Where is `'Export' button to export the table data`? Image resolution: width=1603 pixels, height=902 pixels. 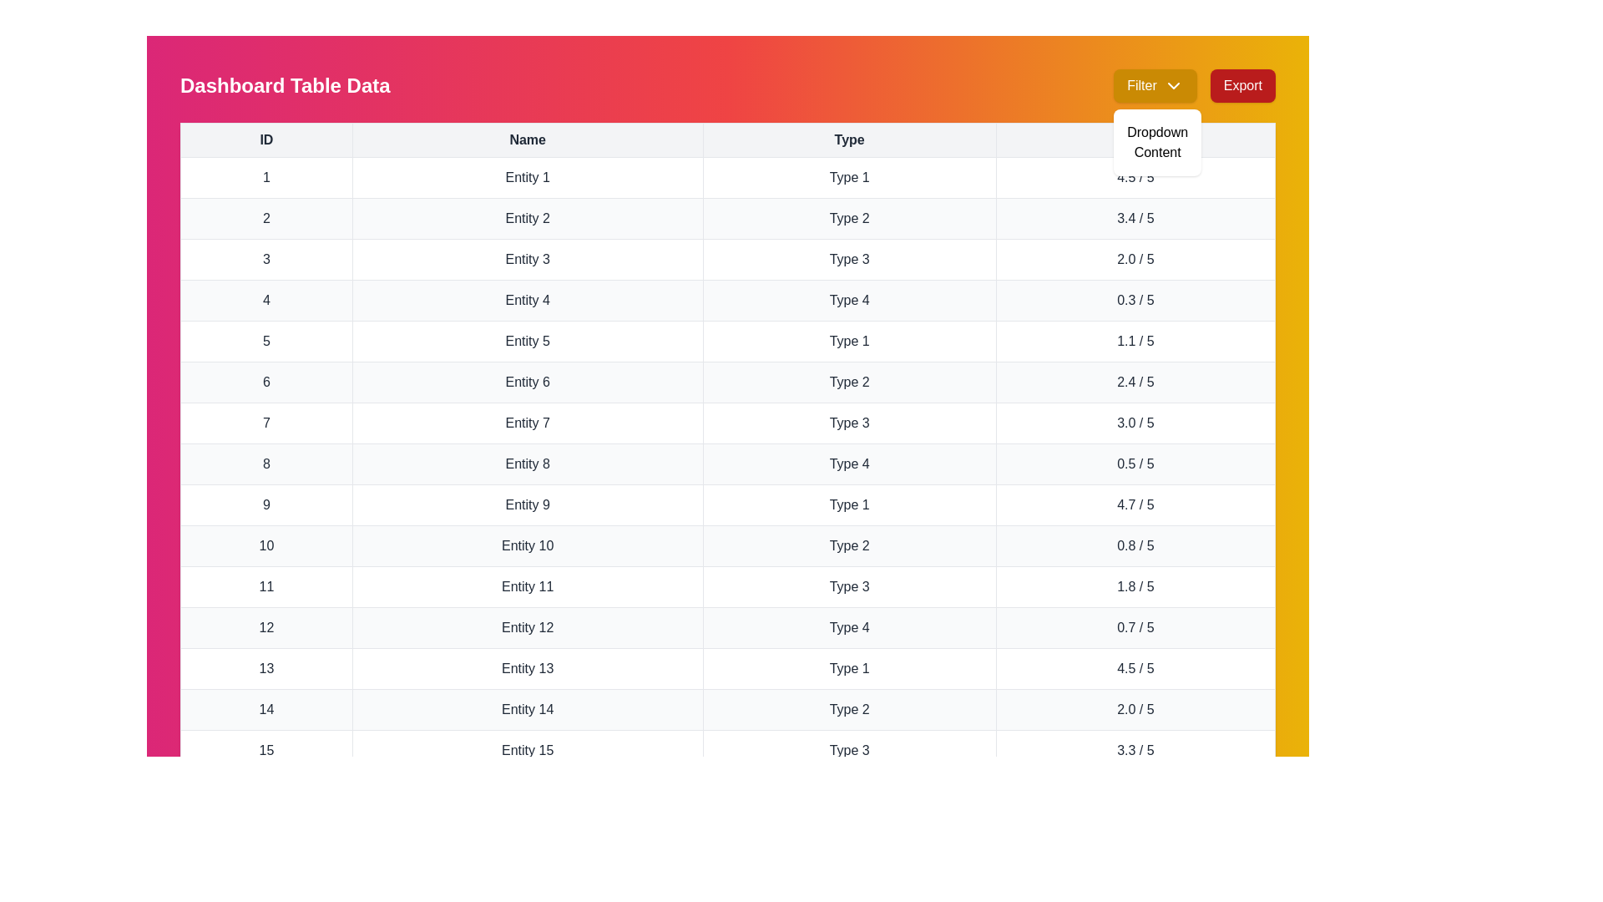
'Export' button to export the table data is located at coordinates (1242, 86).